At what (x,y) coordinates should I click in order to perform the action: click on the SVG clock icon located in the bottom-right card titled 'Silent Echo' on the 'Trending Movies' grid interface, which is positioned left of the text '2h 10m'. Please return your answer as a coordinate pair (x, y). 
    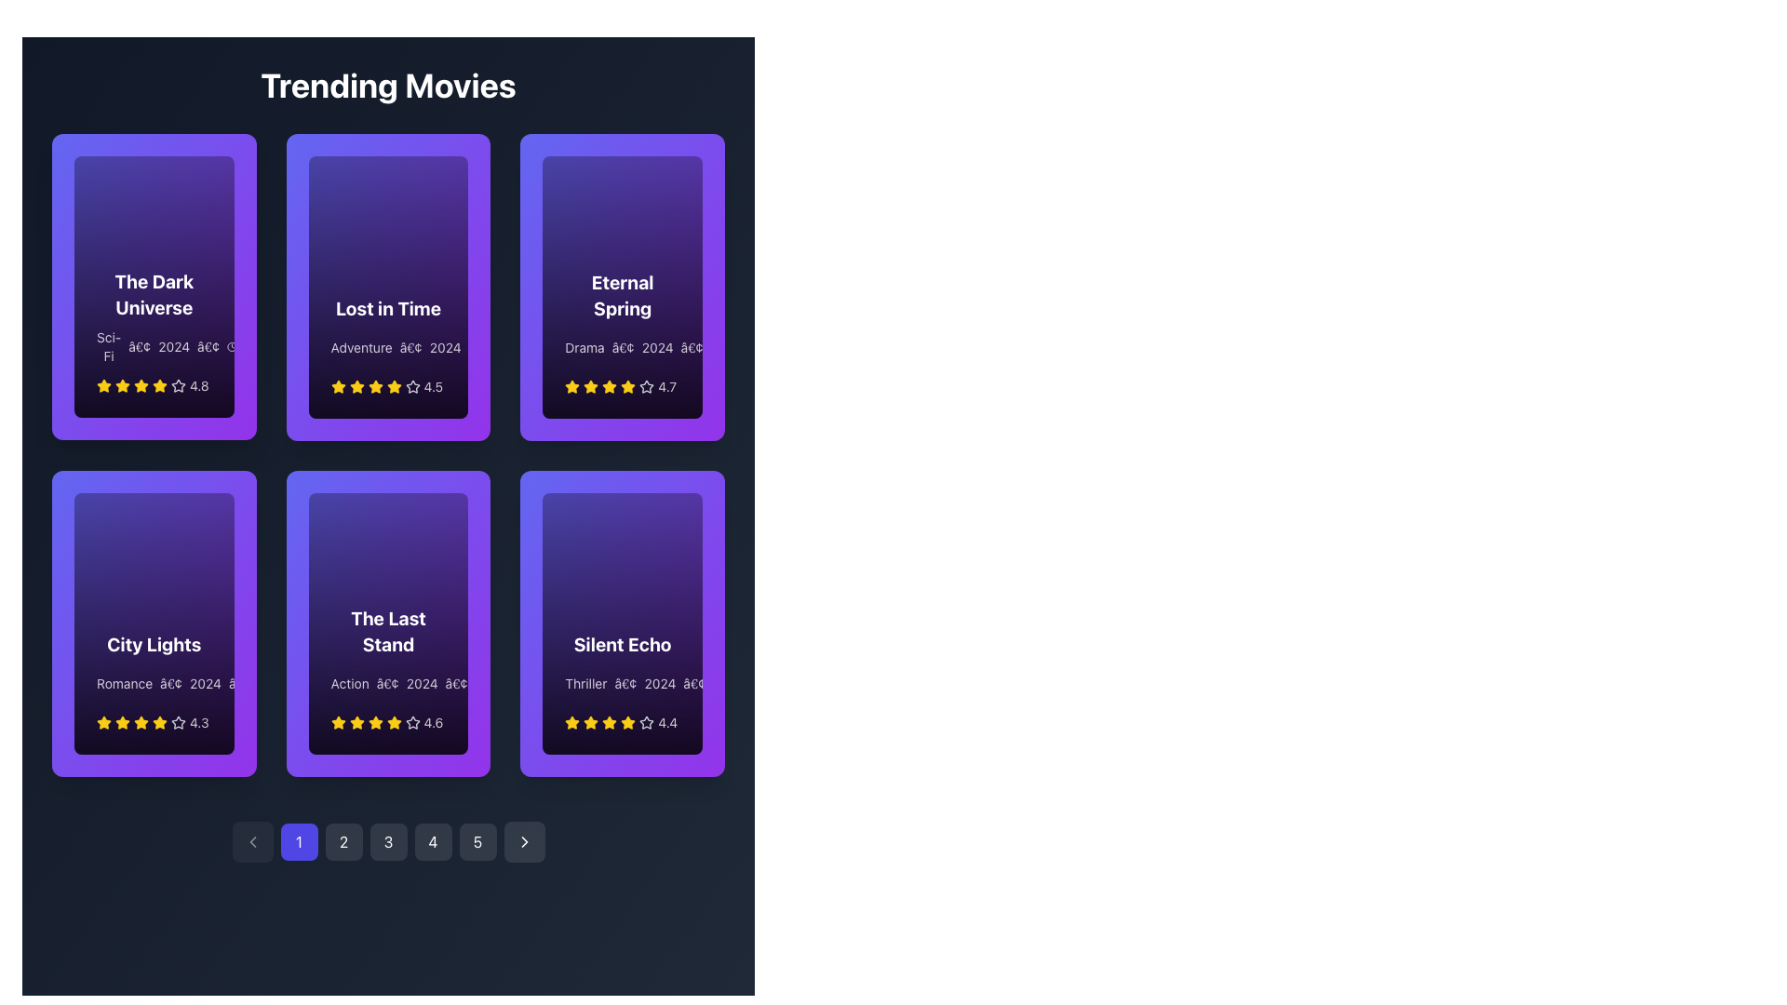
    Looking at the image, I should click on (717, 684).